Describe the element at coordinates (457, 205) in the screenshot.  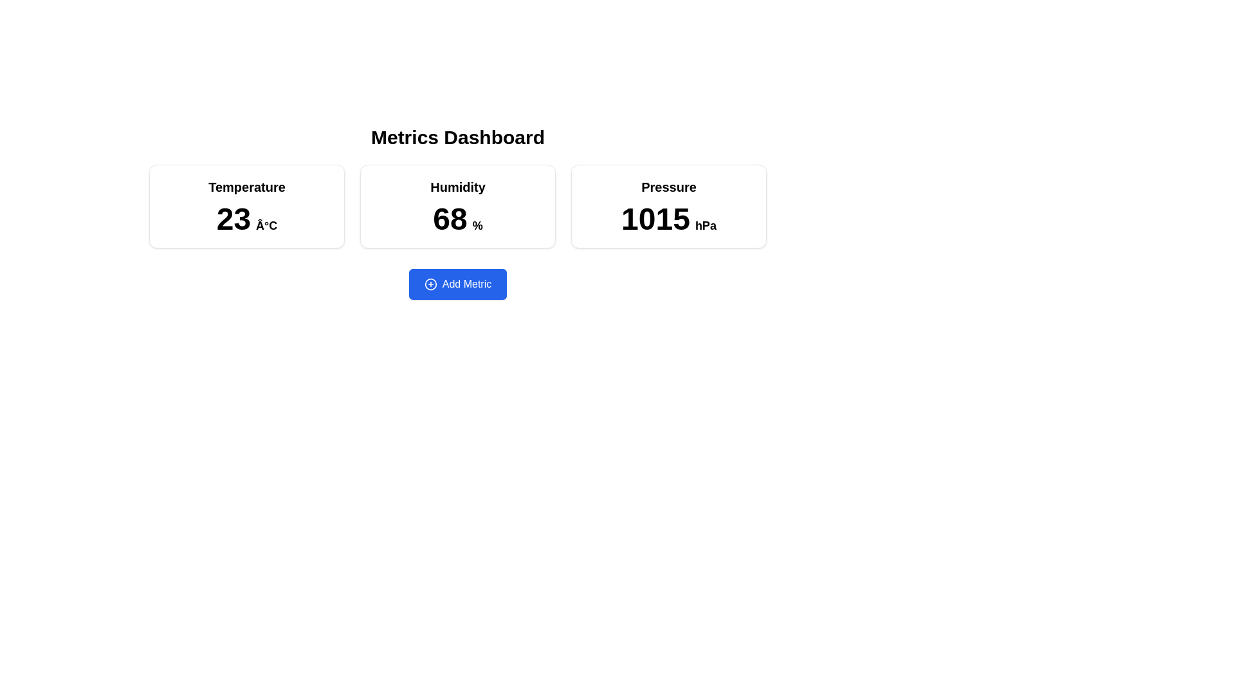
I see `the metric card displaying 'Humidity' with the value '68%' and unit '%' located in the Metrics Dashboard` at that location.